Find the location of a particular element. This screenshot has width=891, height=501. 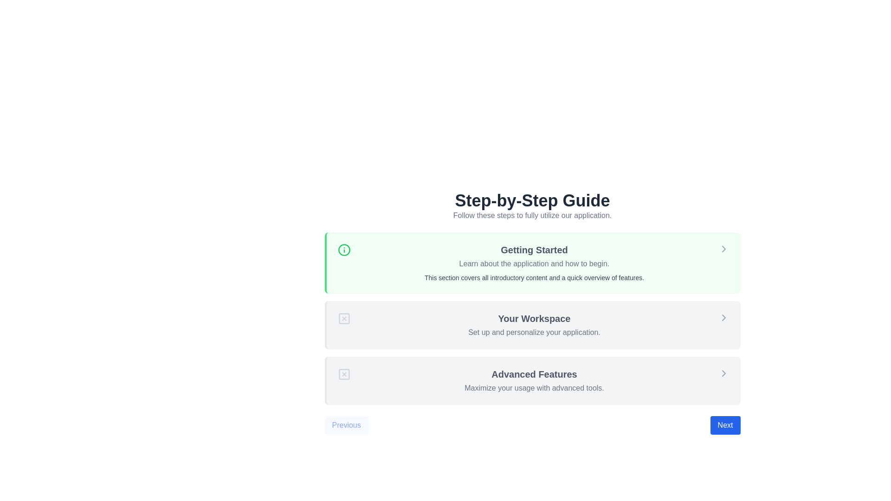

the text label that reads 'Follow these steps to fully utilize our application.' which is styled in gray font and positioned below the main heading 'Step-by-Step Guide.' is located at coordinates (532, 216).